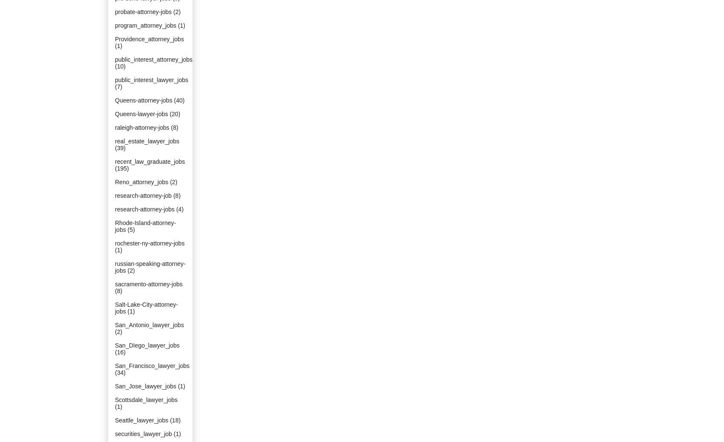  I want to click on 'Rhode-Island-attorney-jobs', so click(145, 226).